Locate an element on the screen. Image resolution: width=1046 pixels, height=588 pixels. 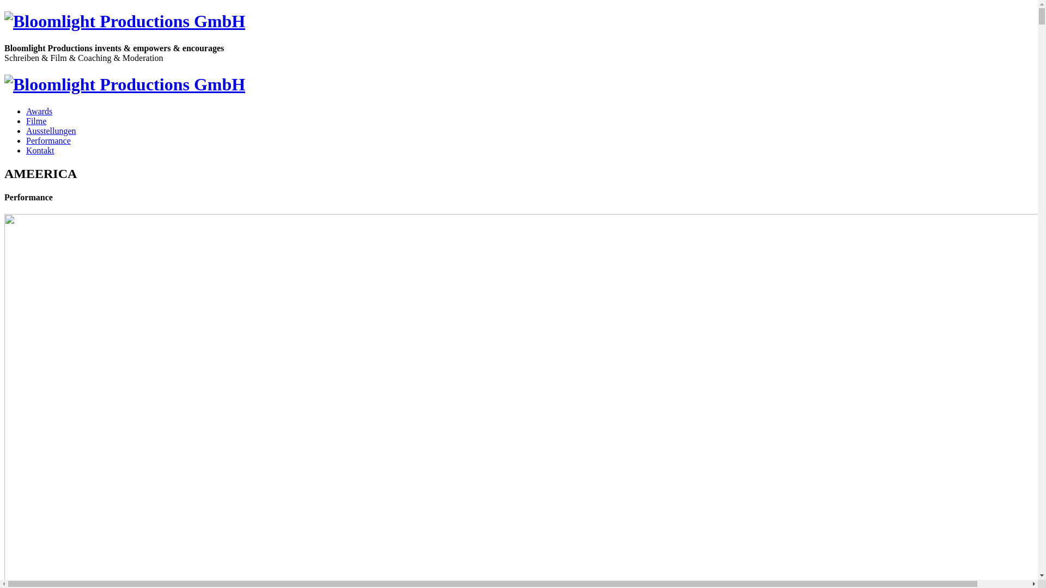
'Ausstellungen' is located at coordinates (51, 130).